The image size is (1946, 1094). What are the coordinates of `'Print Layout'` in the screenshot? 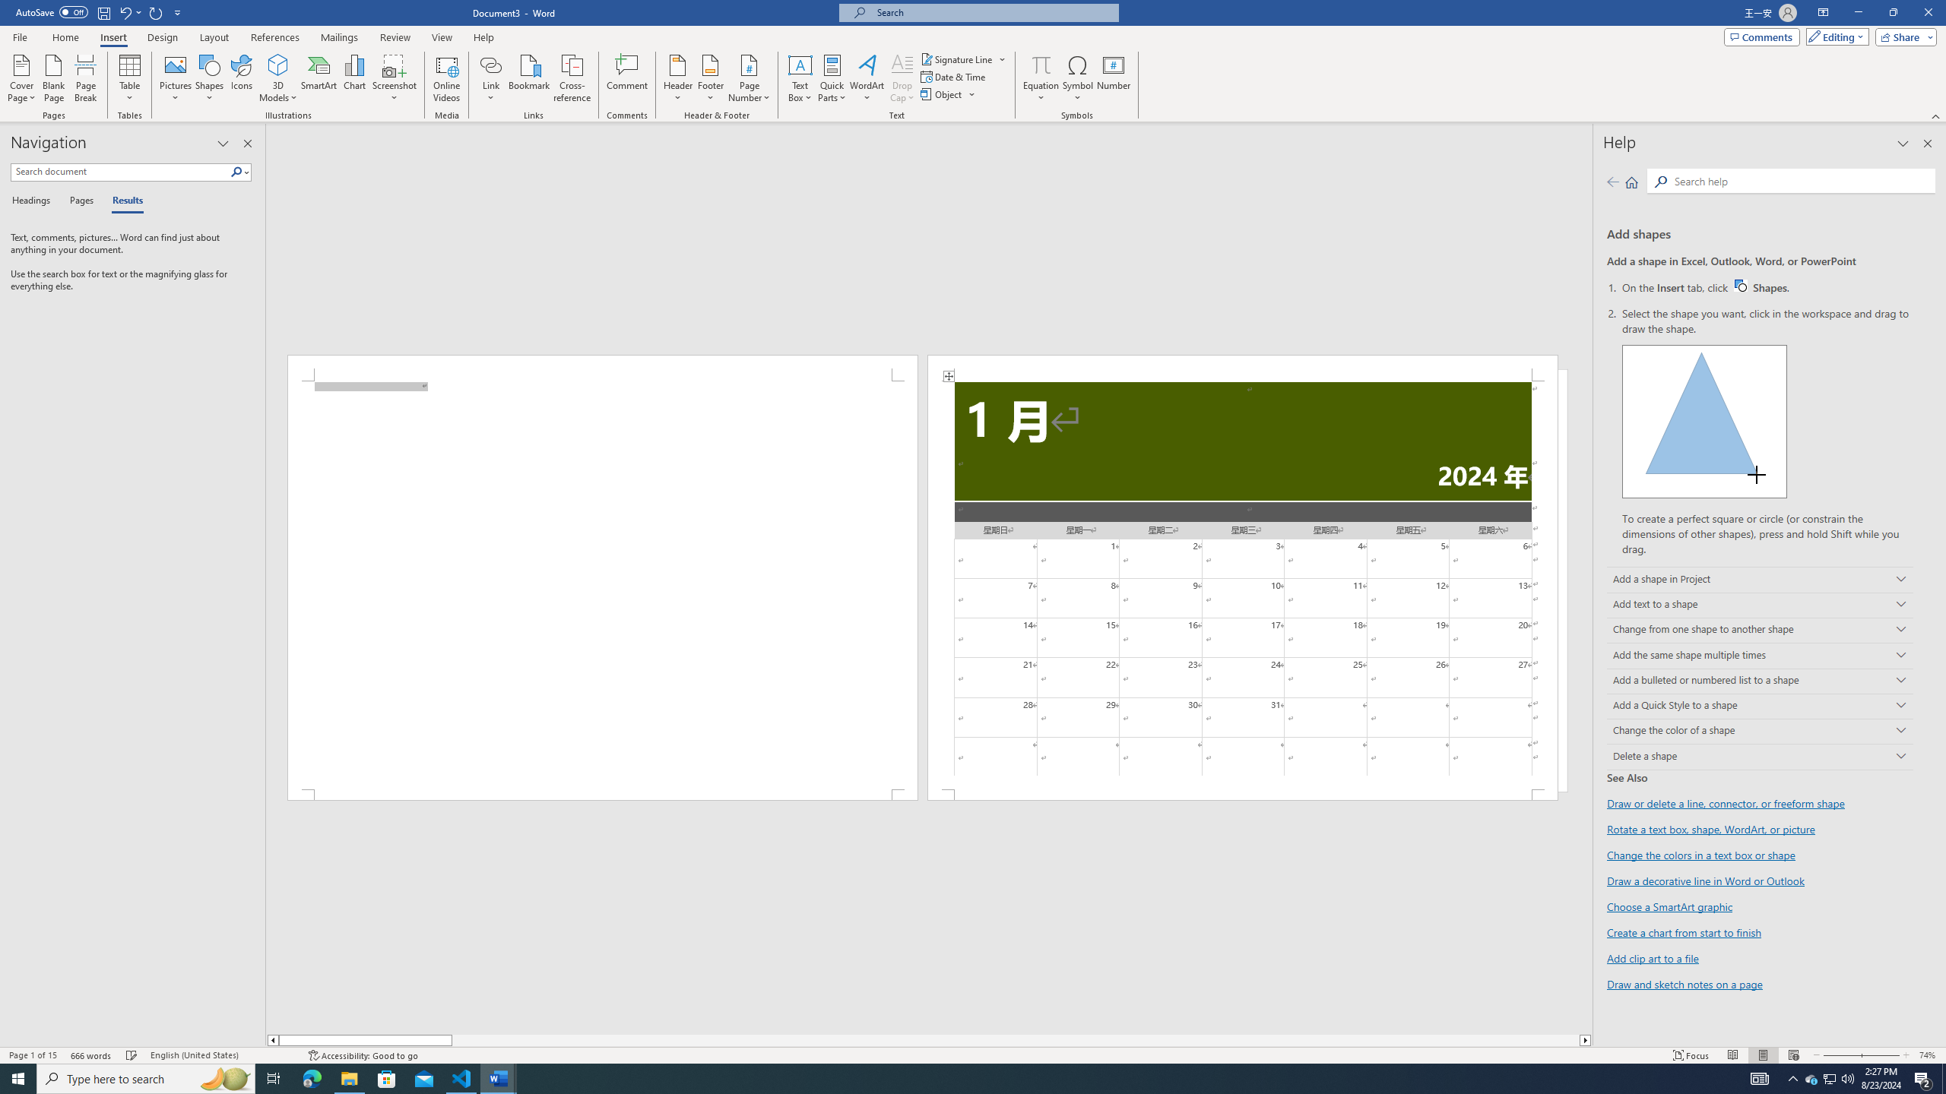 It's located at (1763, 1055).